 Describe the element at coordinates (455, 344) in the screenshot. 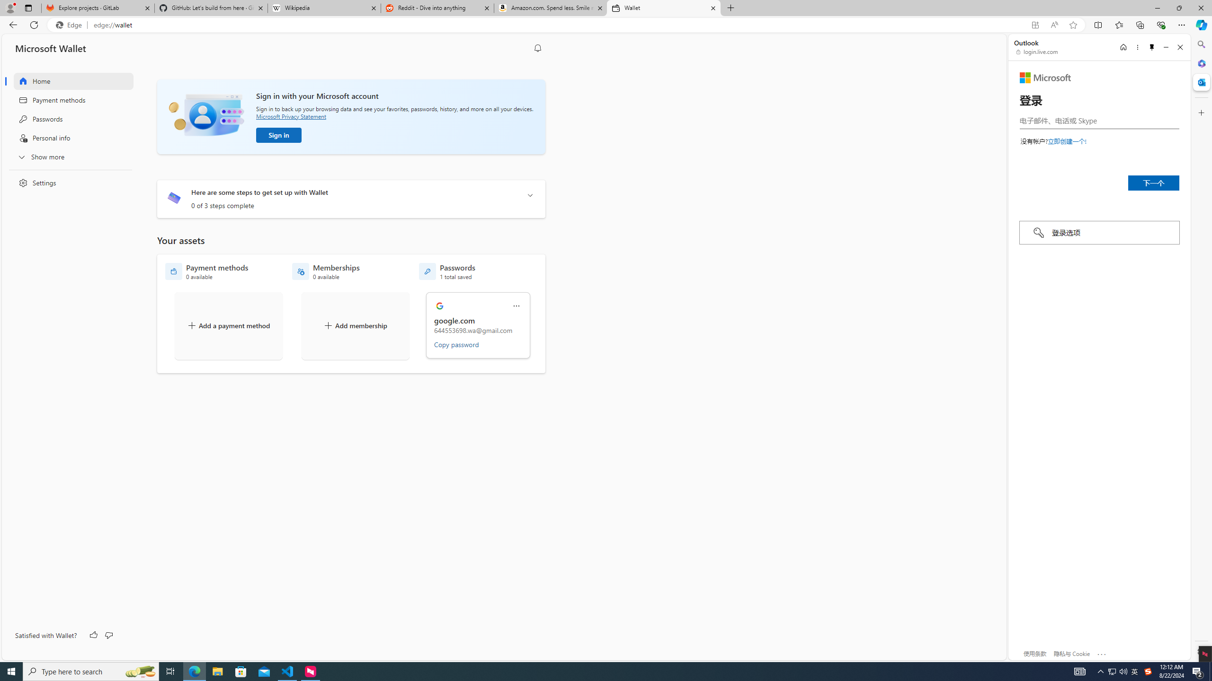

I see `'Copy password'` at that location.